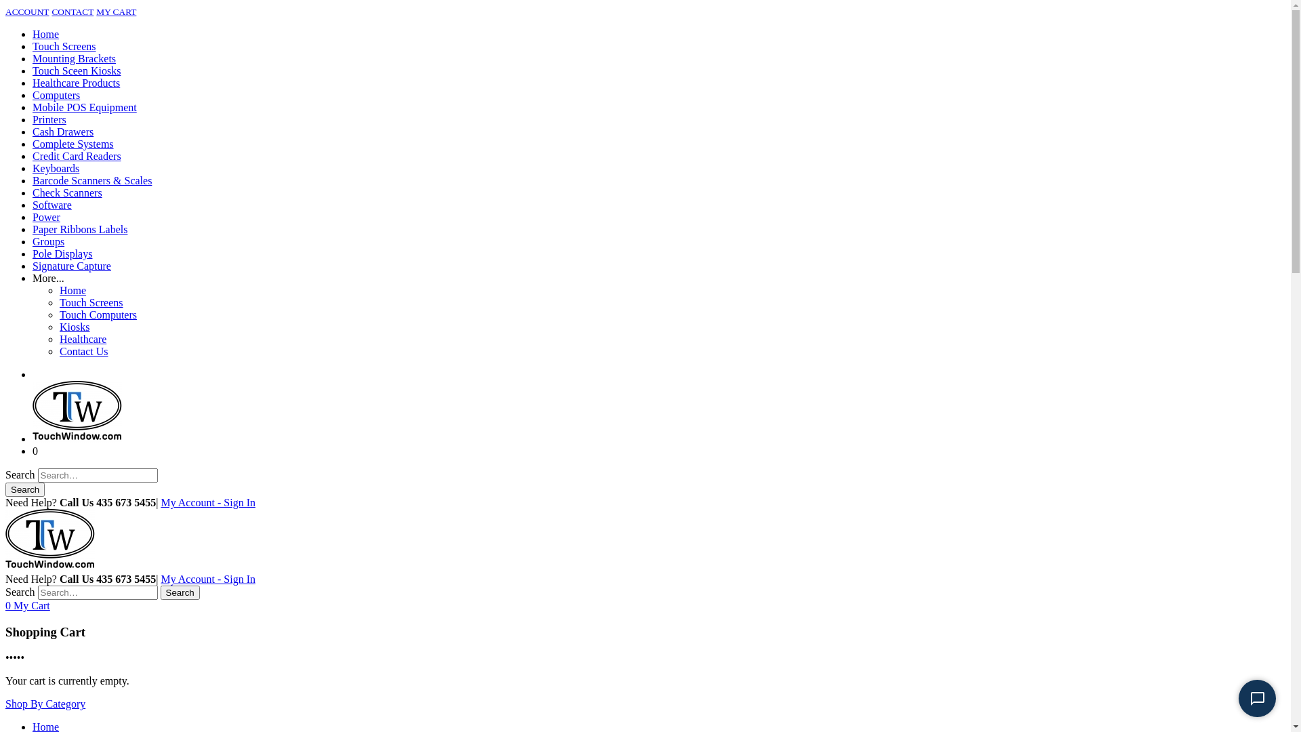 Image resolution: width=1301 pixels, height=732 pixels. I want to click on 'Paper Ribbons Labels', so click(79, 228).